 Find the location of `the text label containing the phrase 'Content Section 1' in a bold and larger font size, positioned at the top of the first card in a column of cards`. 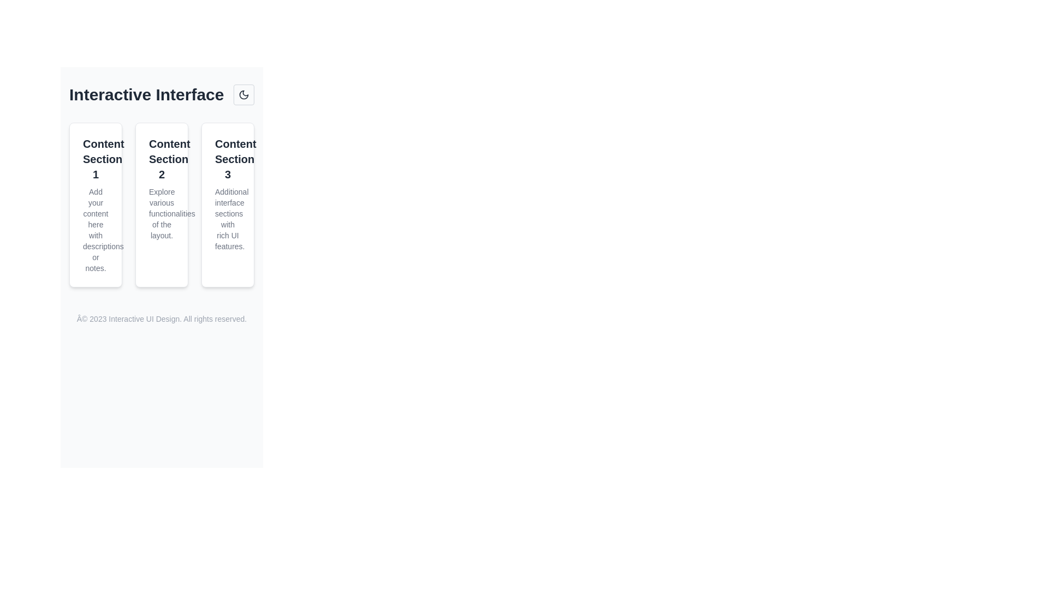

the text label containing the phrase 'Content Section 1' in a bold and larger font size, positioned at the top of the first card in a column of cards is located at coordinates (96, 159).